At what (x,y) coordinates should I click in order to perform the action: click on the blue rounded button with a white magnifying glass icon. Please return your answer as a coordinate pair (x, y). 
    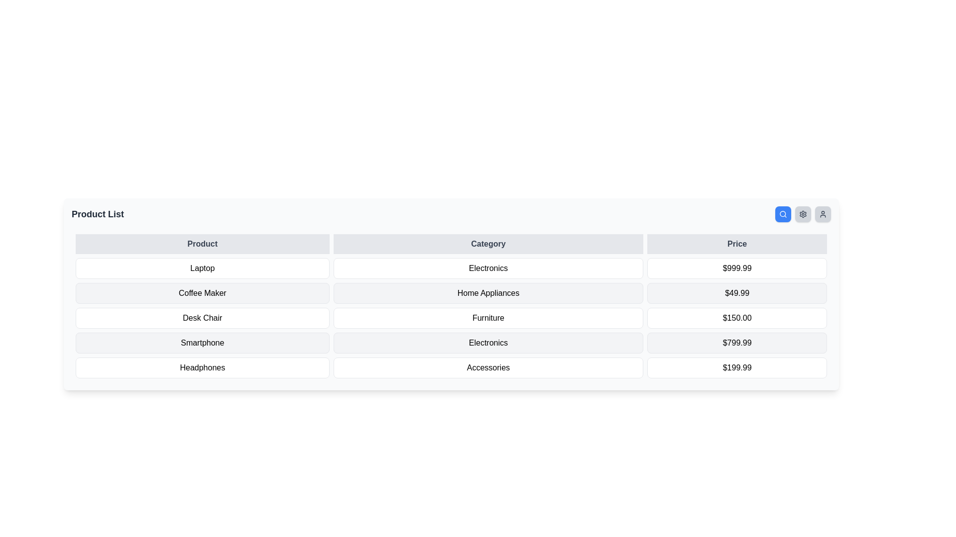
    Looking at the image, I should click on (783, 214).